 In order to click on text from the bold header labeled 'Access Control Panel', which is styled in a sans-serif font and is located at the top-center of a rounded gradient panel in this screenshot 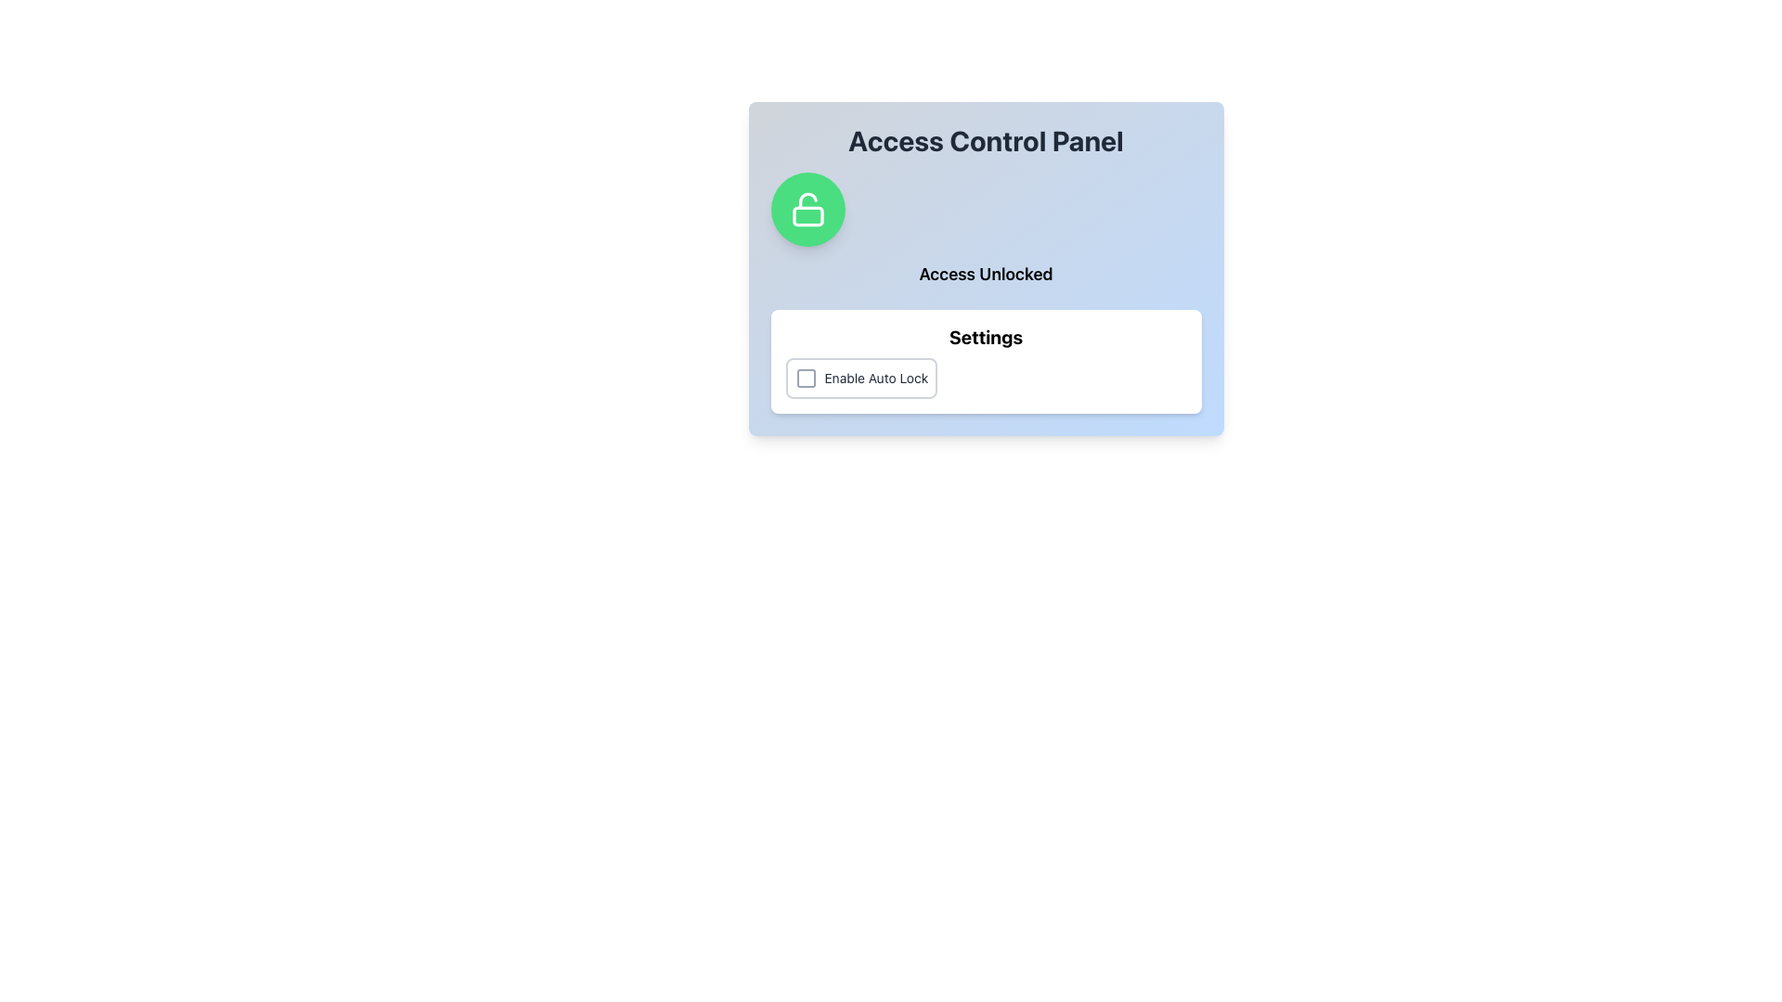, I will do `click(985, 139)`.